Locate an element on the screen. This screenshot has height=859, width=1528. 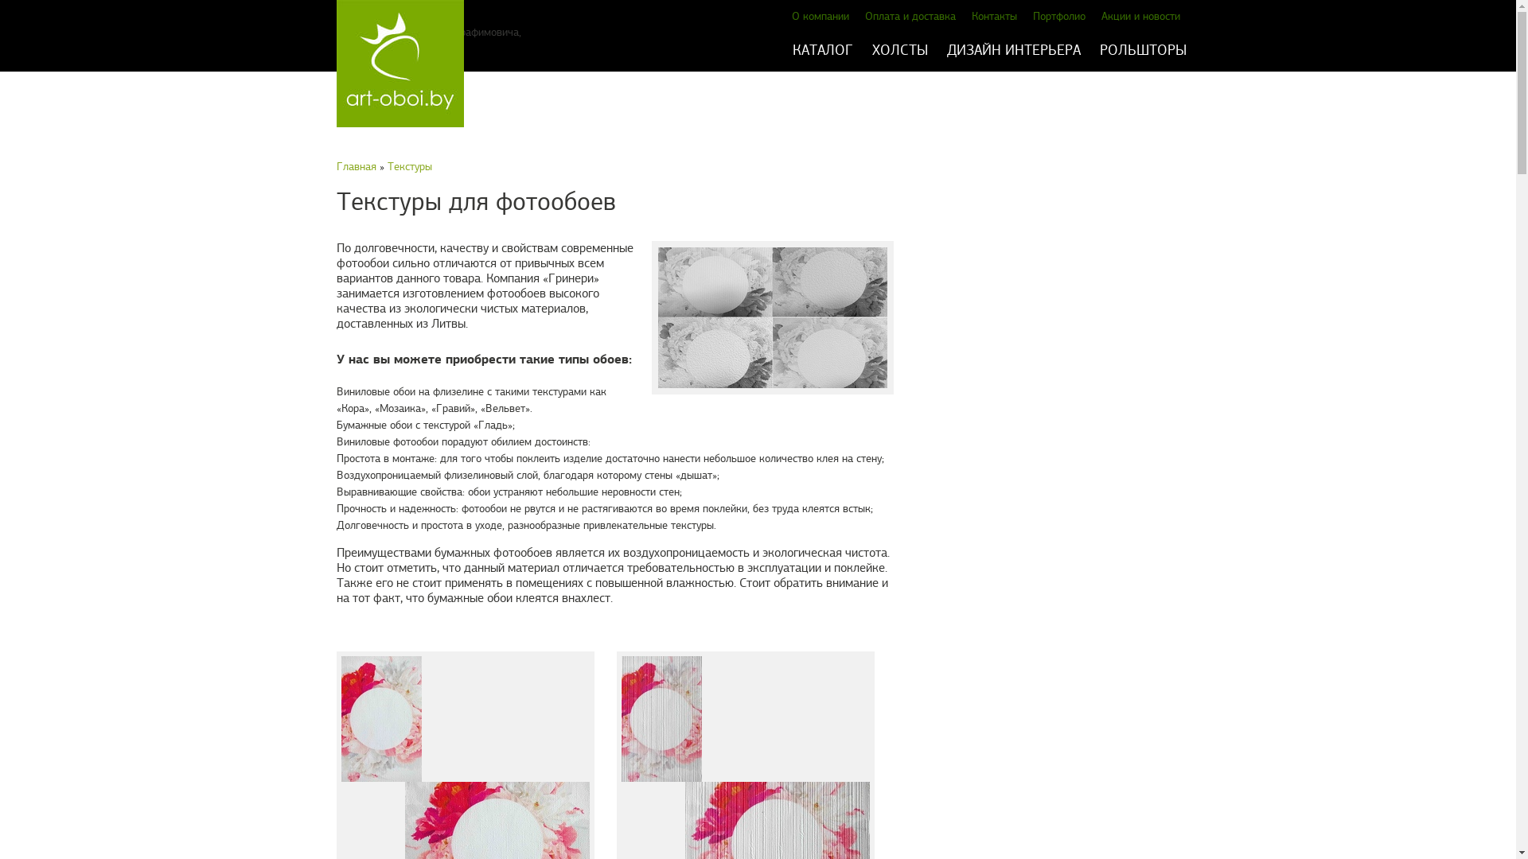
'+375 29 144 05 53' is located at coordinates (383, 32).